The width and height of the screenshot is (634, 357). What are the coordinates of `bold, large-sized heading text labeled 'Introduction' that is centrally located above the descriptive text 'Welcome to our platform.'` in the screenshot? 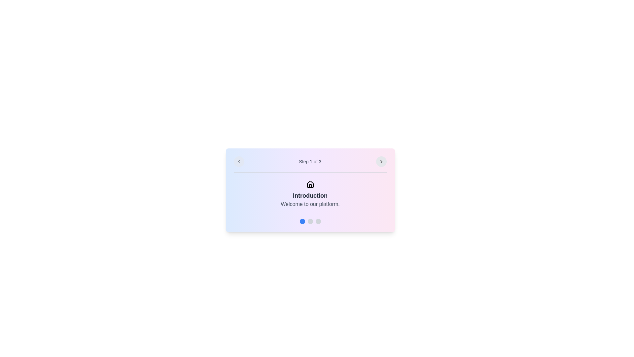 It's located at (310, 195).